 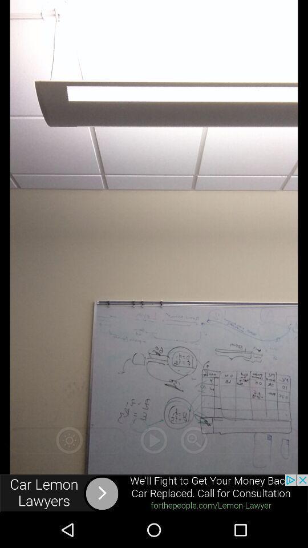 I want to click on autoplay option, so click(x=154, y=440).